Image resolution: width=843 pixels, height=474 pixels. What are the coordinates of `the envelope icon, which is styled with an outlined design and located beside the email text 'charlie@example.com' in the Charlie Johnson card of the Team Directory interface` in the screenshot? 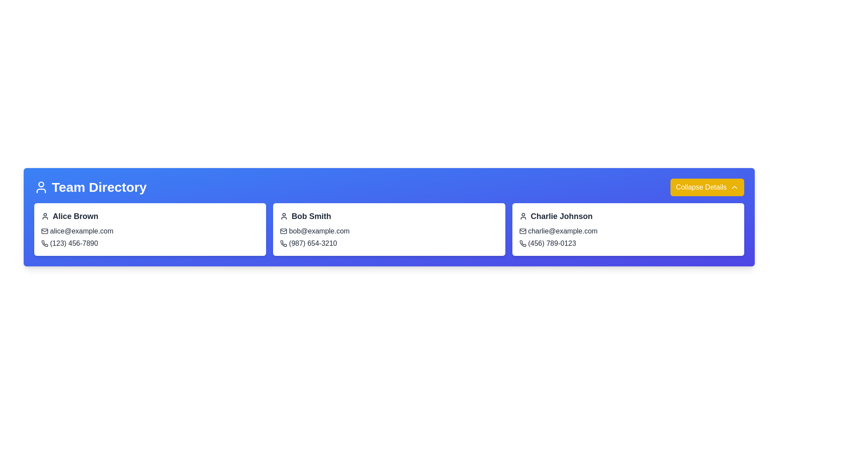 It's located at (522, 231).